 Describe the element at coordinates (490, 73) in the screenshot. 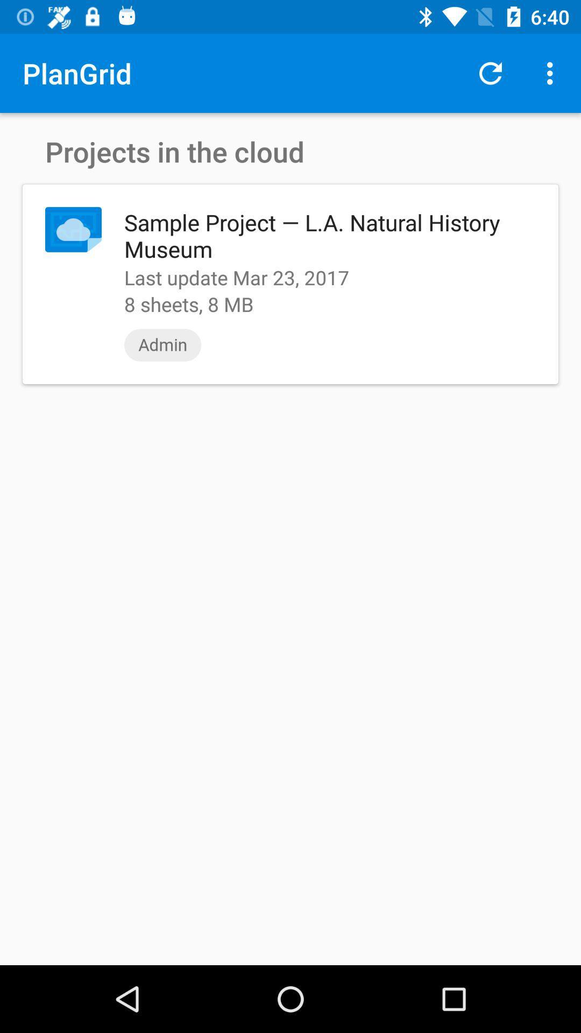

I see `icon next to plangrid` at that location.